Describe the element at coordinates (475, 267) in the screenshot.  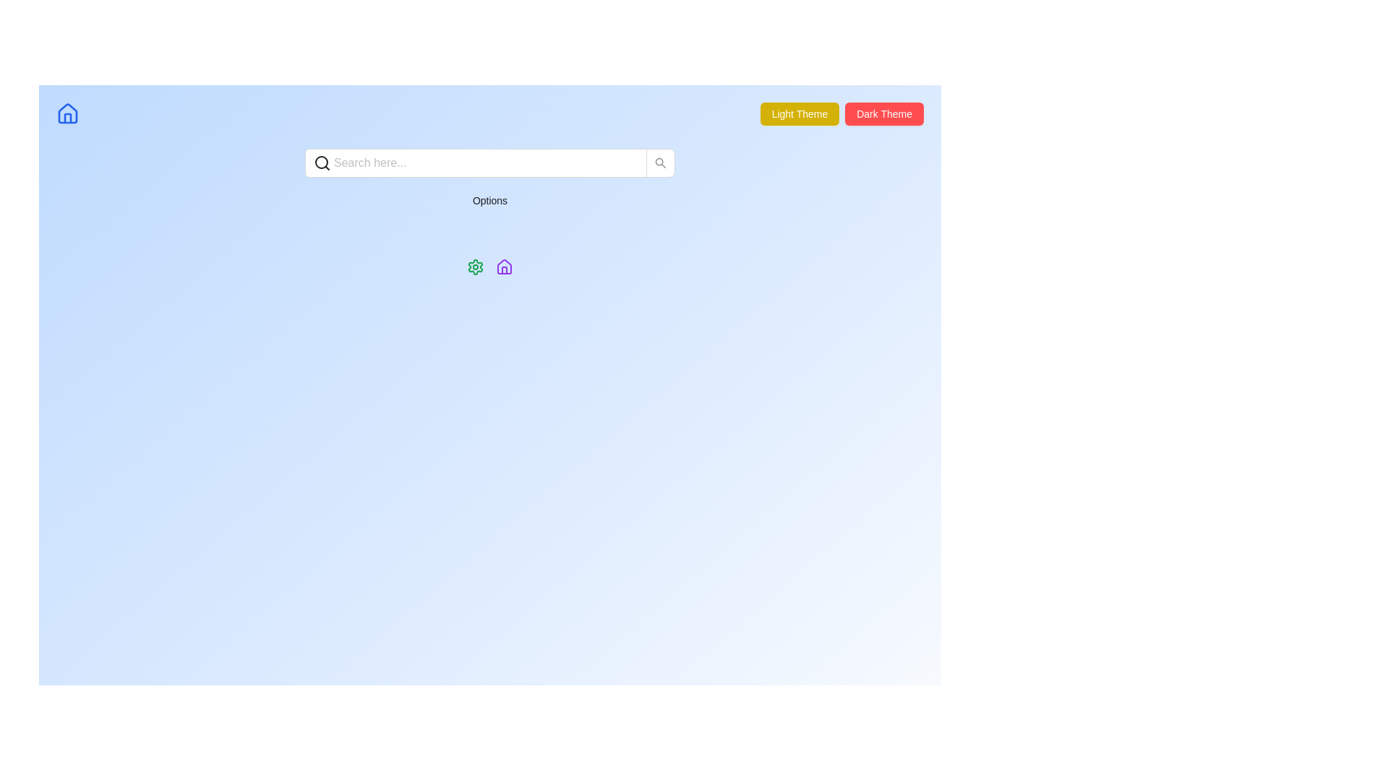
I see `the green gear-shaped icon in the bottom-left corner of the icon group` at that location.